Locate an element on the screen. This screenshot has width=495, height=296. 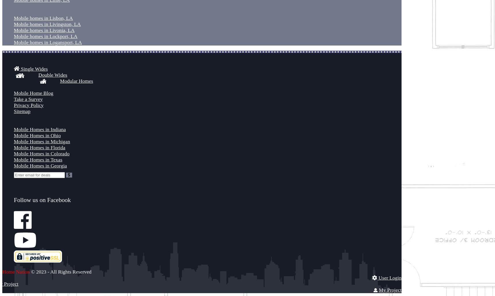
'Mobile Homes in Ohio' is located at coordinates (37, 135).